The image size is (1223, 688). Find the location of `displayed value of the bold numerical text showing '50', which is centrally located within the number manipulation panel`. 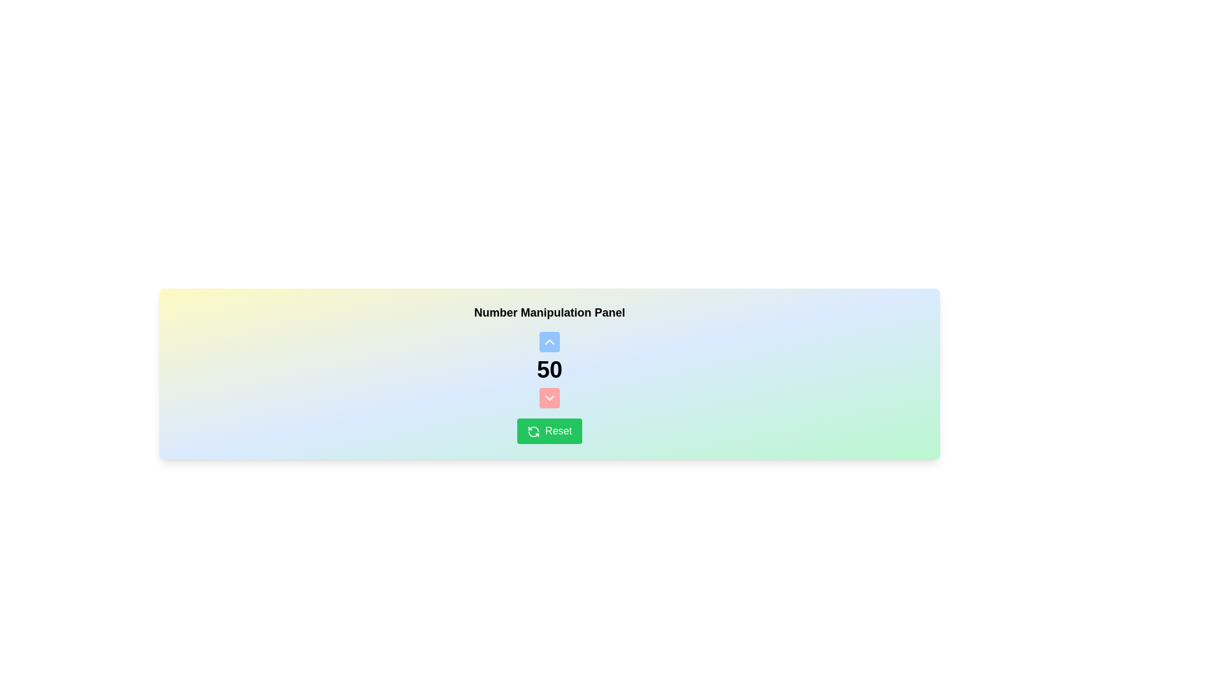

displayed value of the bold numerical text showing '50', which is centrally located within the number manipulation panel is located at coordinates (550, 370).